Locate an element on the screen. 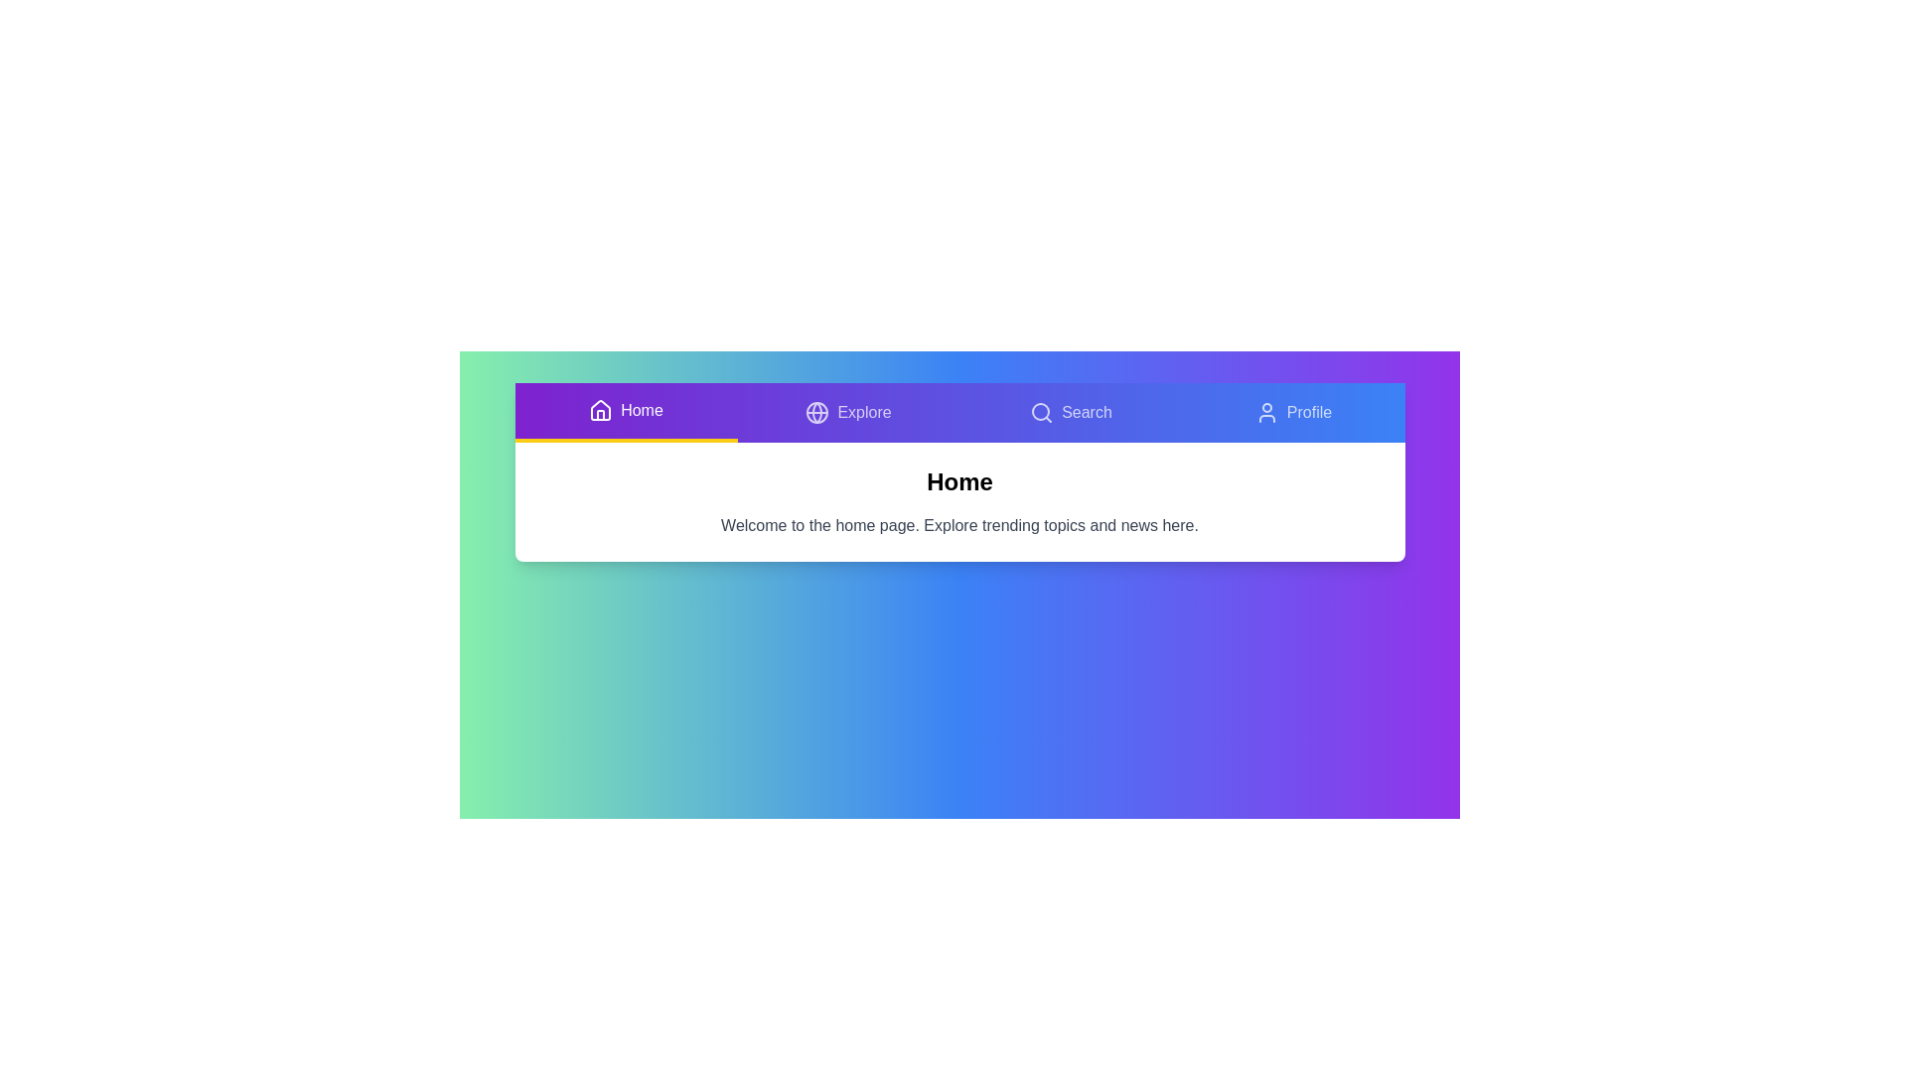 The width and height of the screenshot is (1907, 1072). the tab labeled Home is located at coordinates (625, 412).